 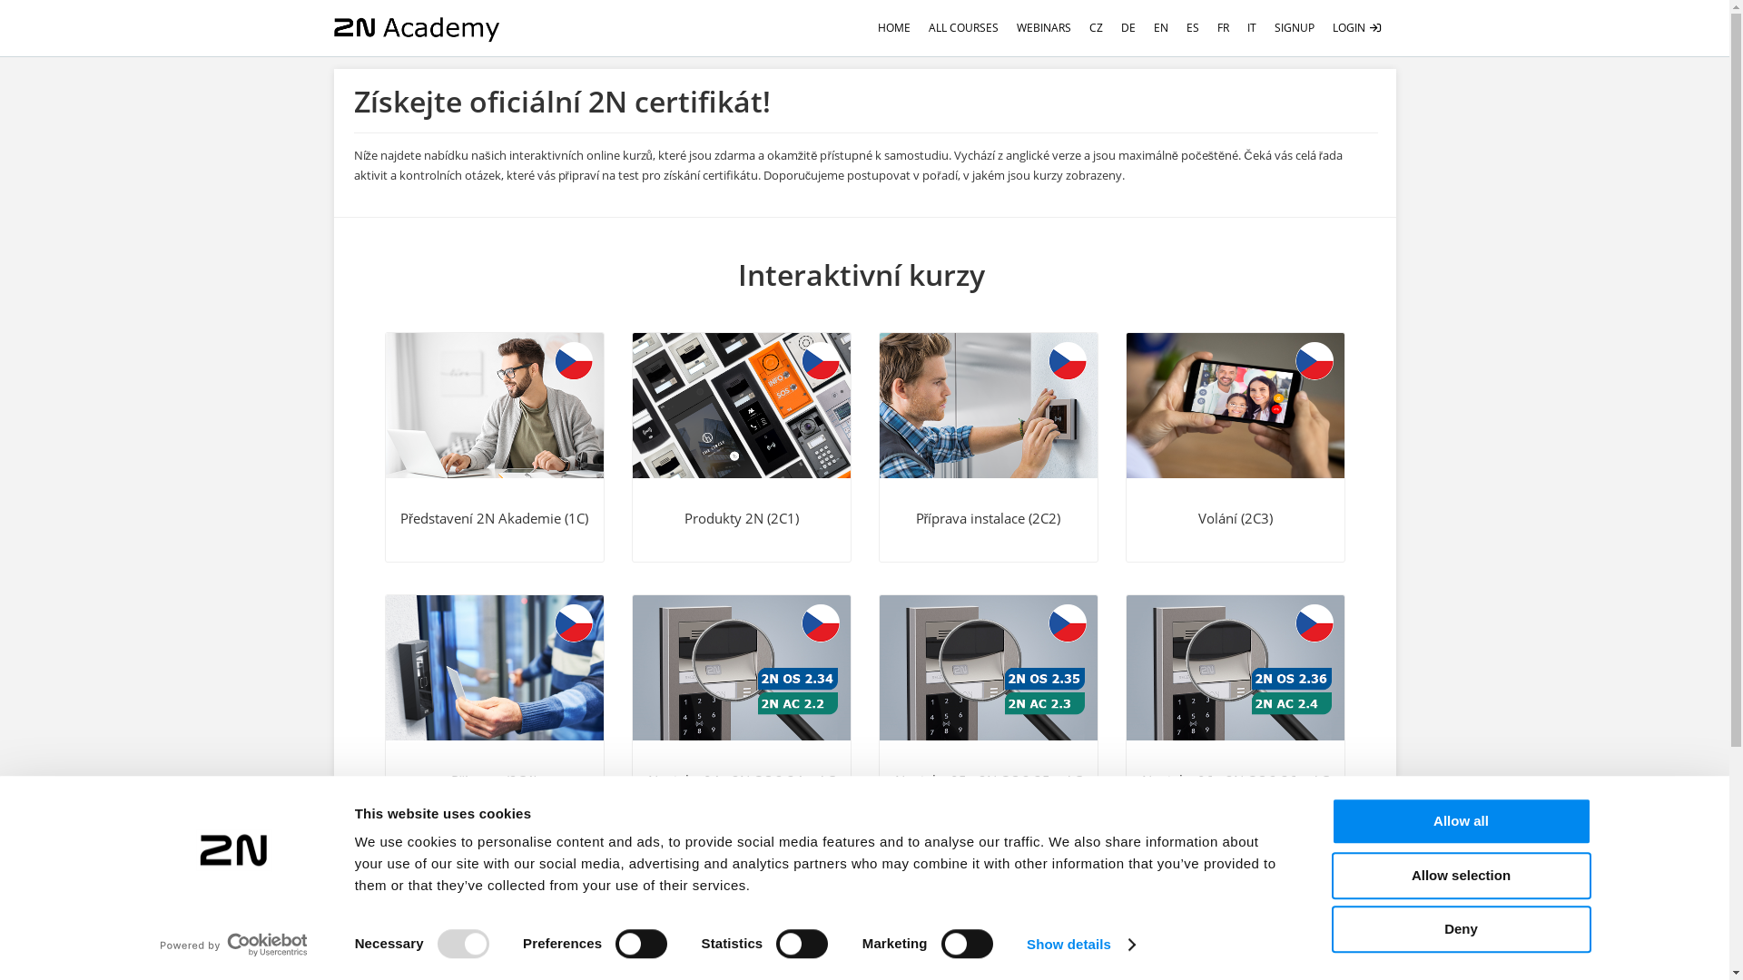 What do you see at coordinates (741, 709) in the screenshot?
I see `'Novinky 04 - 2N OS 2.34 a AC 2.2 (3C1)'` at bounding box center [741, 709].